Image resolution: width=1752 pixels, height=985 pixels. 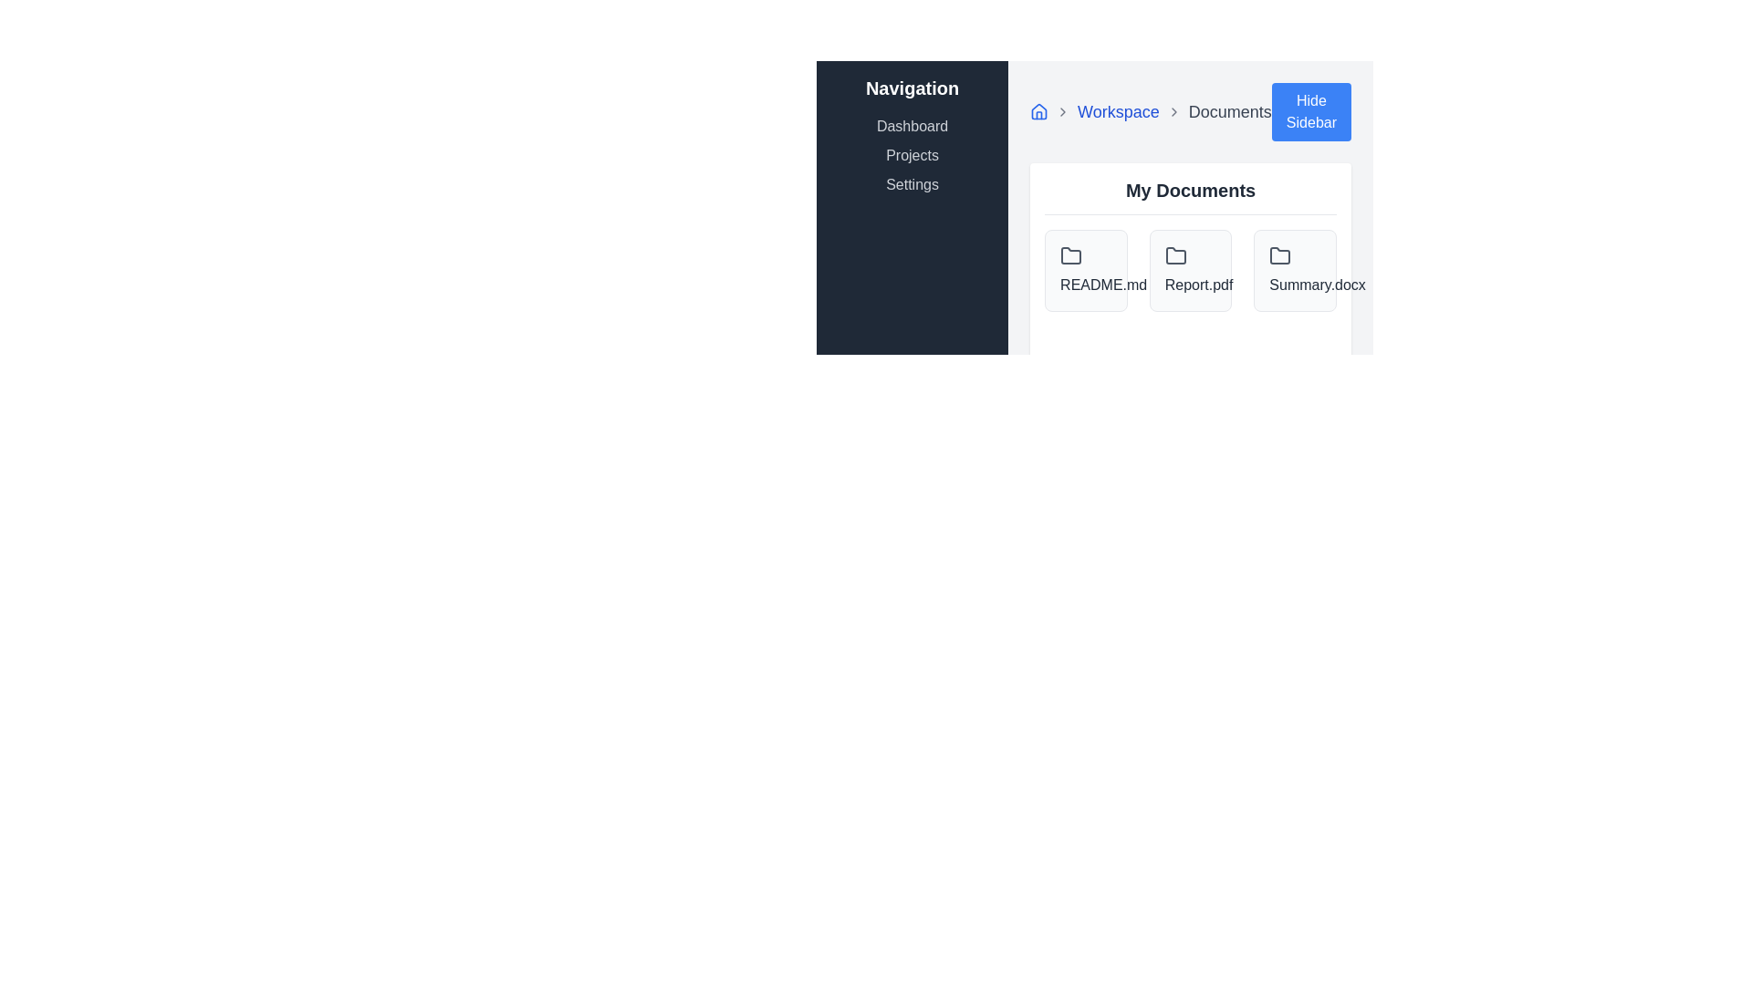 What do you see at coordinates (1191, 271) in the screenshot?
I see `the folder icon labeled 'Report.pdf' in the middle of the grid layout` at bounding box center [1191, 271].